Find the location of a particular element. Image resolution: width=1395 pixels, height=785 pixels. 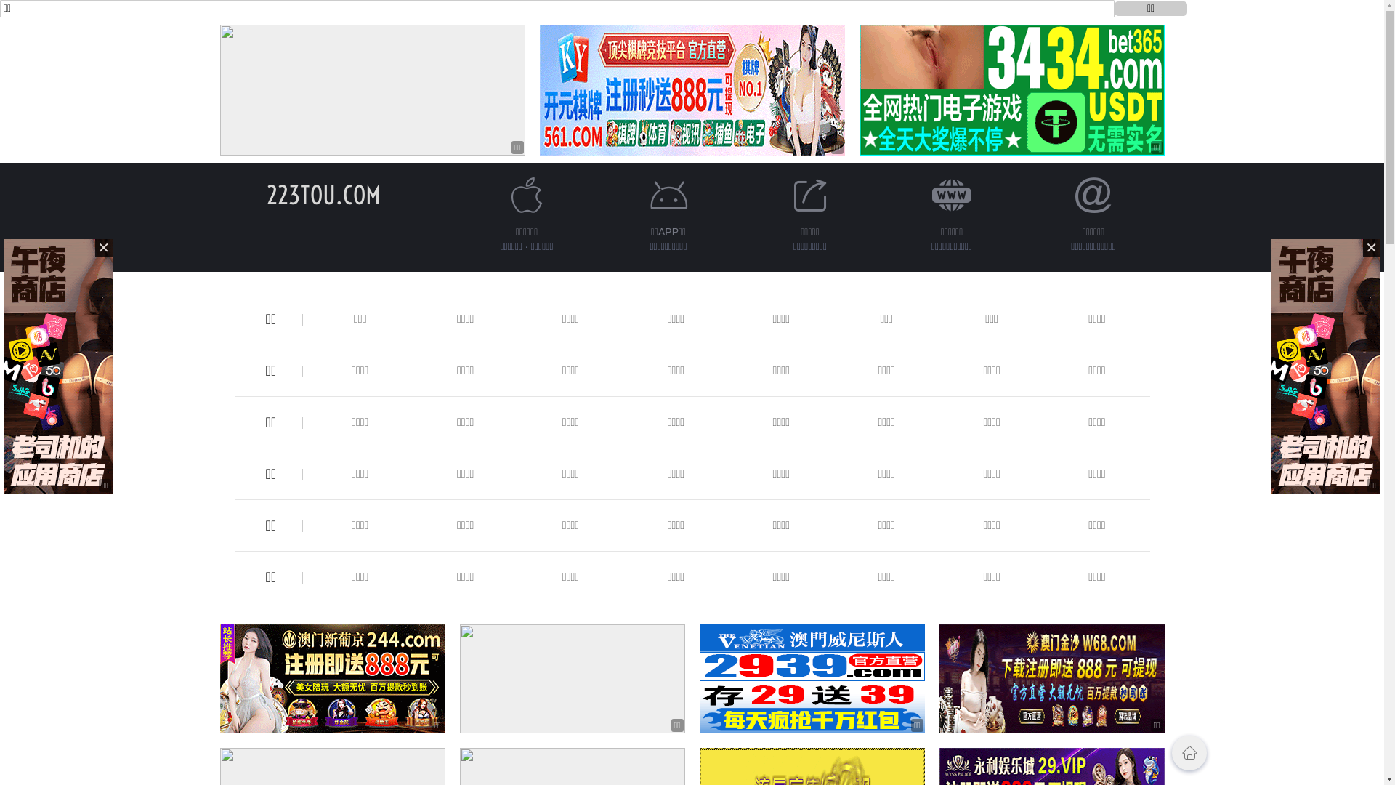

'223TOU.COM' is located at coordinates (323, 194).